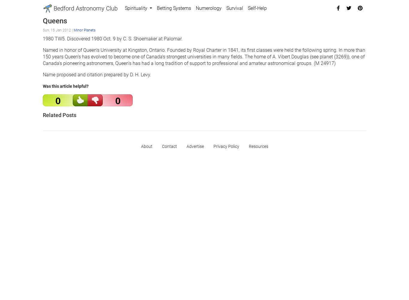 The width and height of the screenshot is (409, 300). Describe the element at coordinates (54, 21) in the screenshot. I see `'Queens'` at that location.